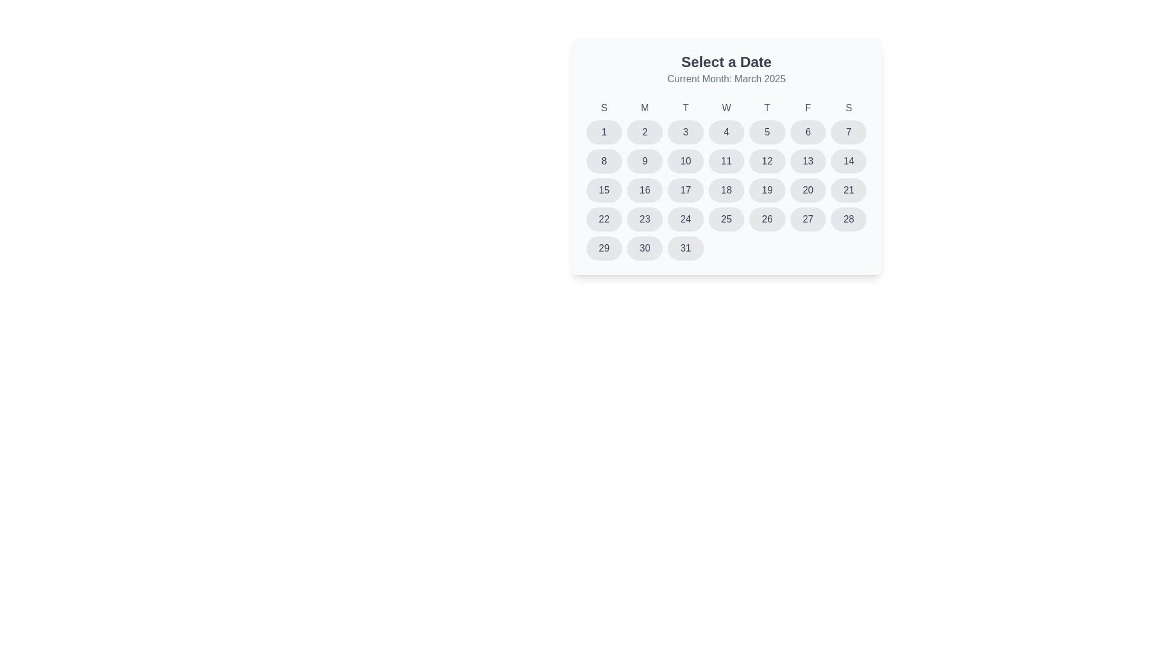 This screenshot has width=1161, height=653. What do you see at coordinates (726, 219) in the screenshot?
I see `the button representing the 25th day of the month in the calendar interface` at bounding box center [726, 219].